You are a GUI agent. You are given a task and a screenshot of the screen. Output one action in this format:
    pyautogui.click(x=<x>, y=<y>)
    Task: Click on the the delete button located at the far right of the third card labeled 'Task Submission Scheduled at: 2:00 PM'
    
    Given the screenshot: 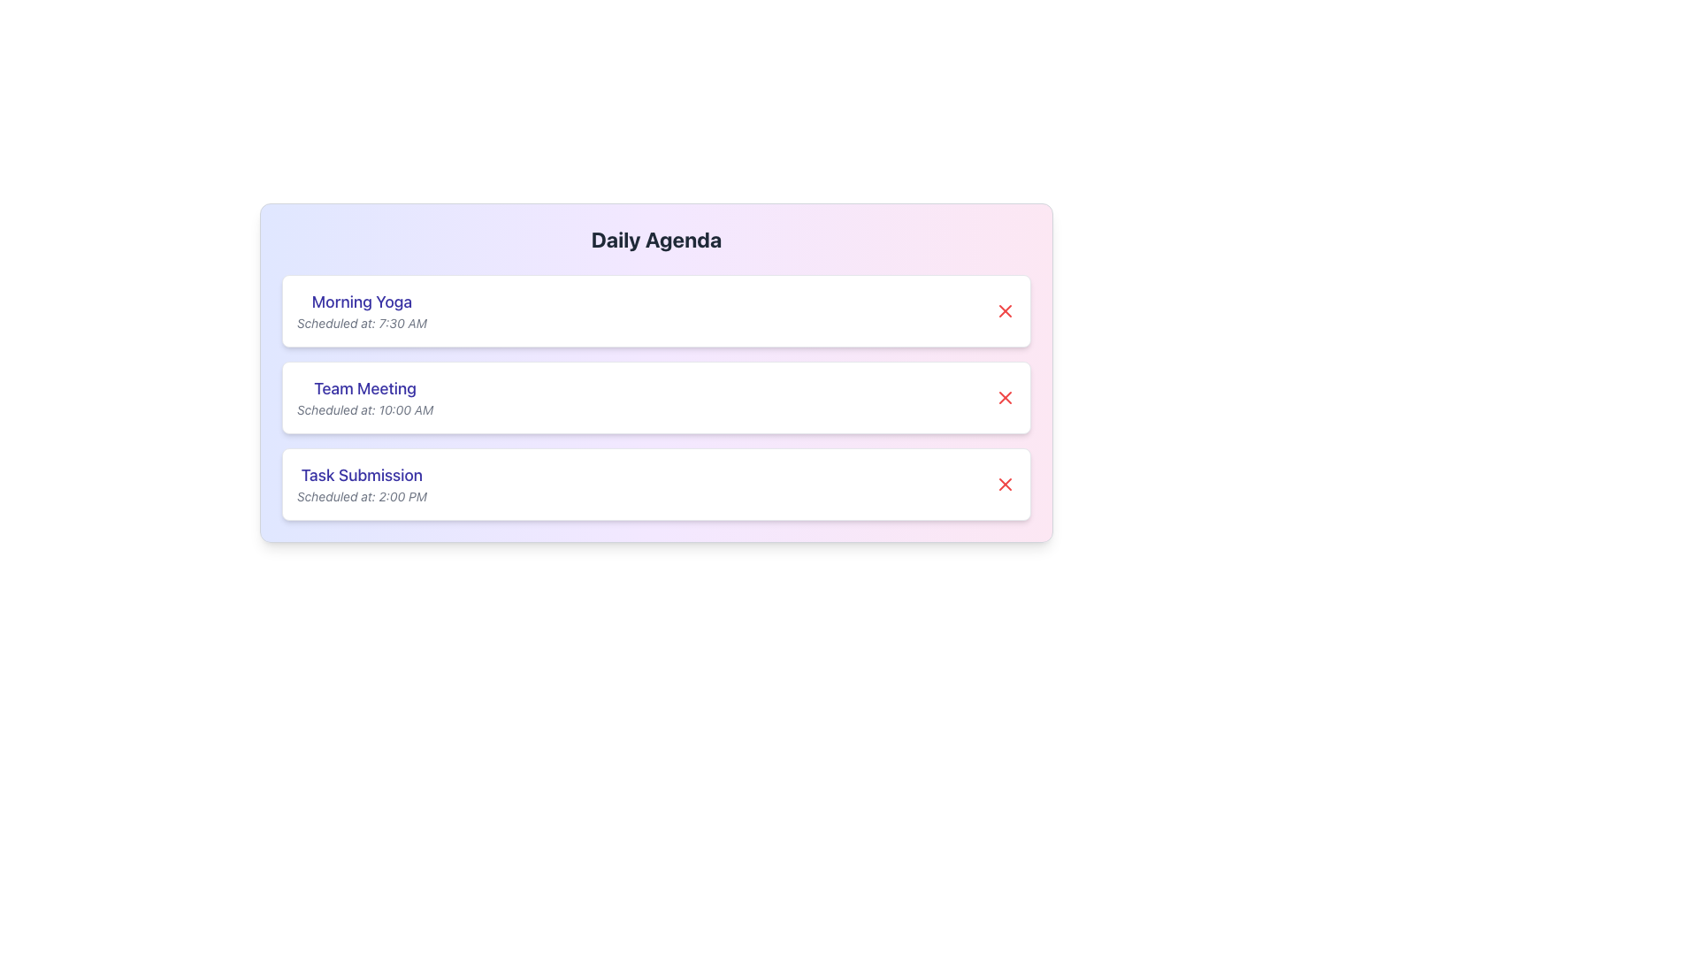 What is the action you would take?
    pyautogui.click(x=1006, y=484)
    